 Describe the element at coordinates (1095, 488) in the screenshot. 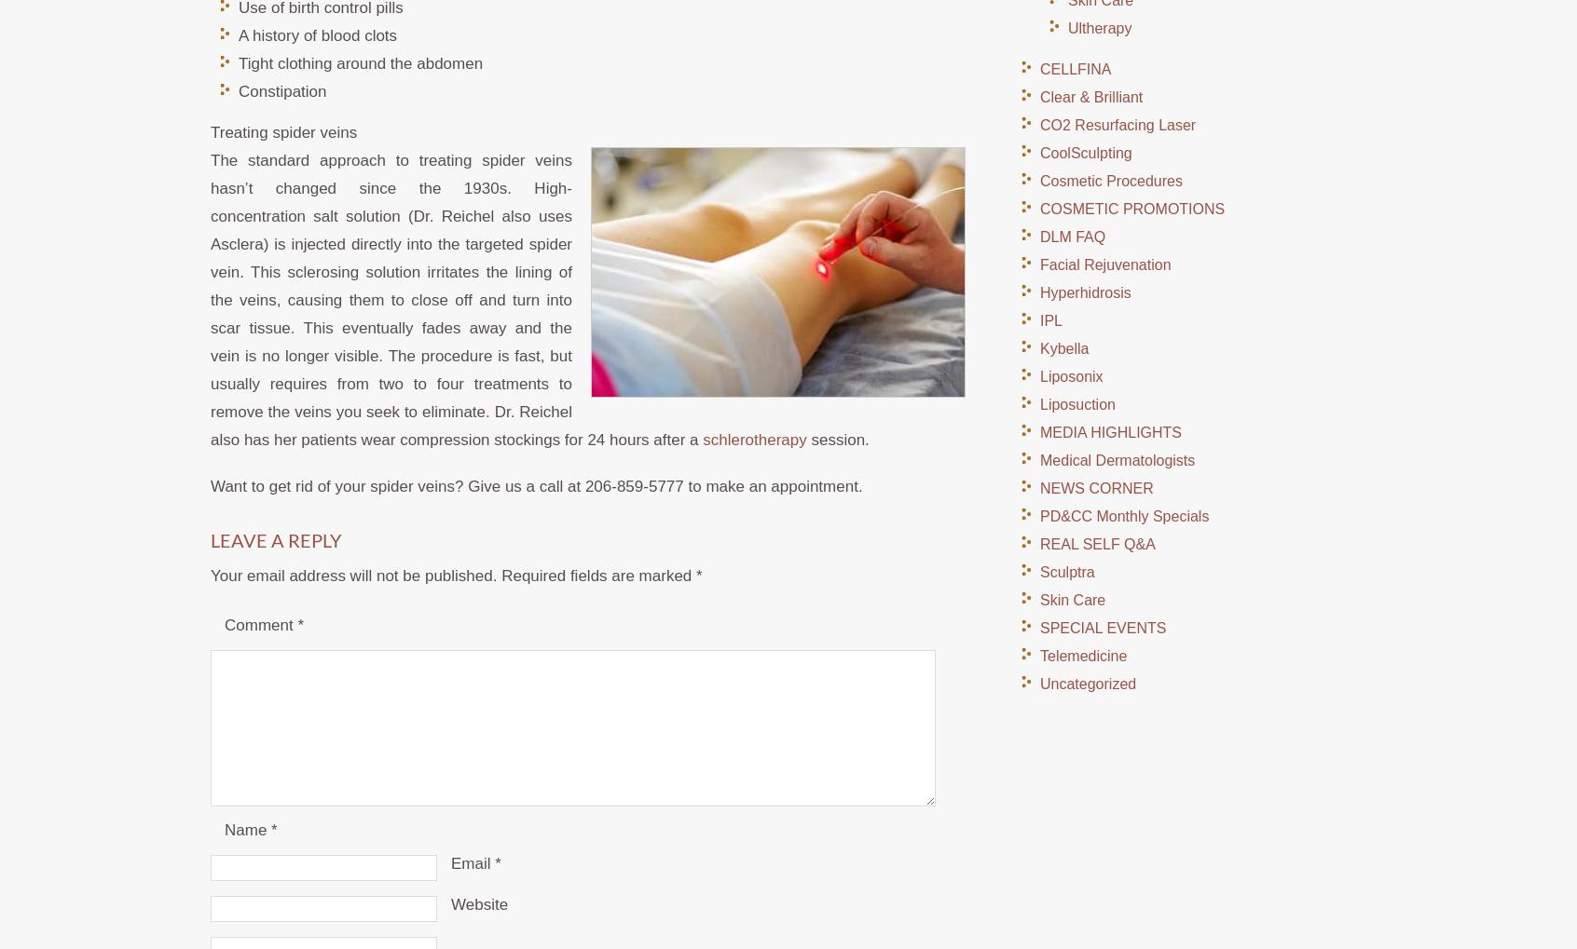

I see `'NEWS CORNER'` at that location.